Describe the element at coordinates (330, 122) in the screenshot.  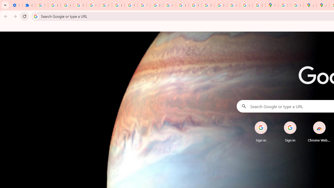
I see `'Remove'` at that location.